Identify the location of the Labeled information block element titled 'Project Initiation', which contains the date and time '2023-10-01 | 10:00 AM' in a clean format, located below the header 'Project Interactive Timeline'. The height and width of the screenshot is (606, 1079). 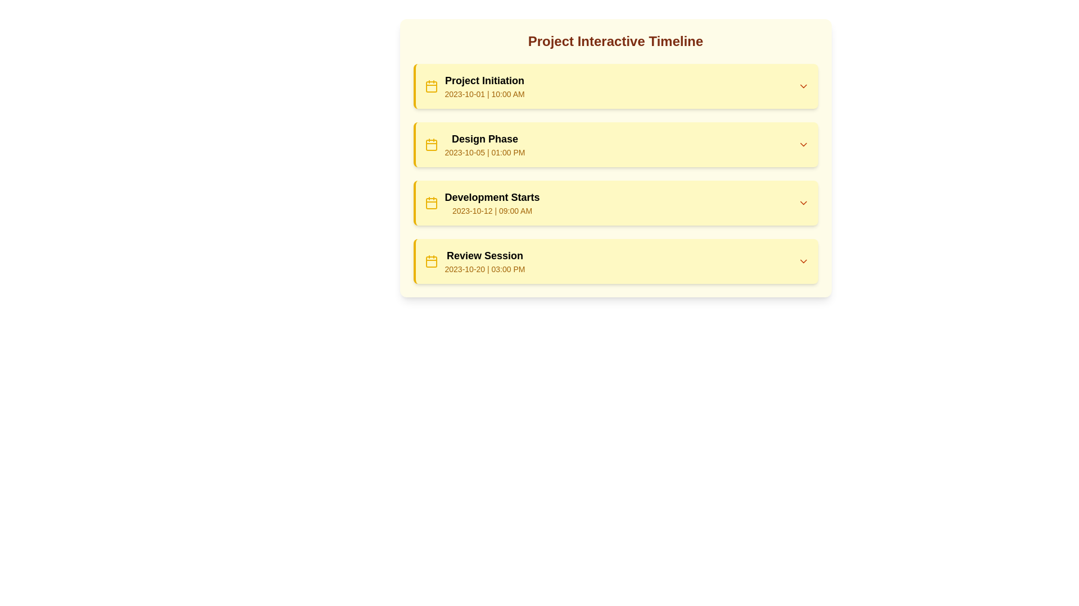
(484, 86).